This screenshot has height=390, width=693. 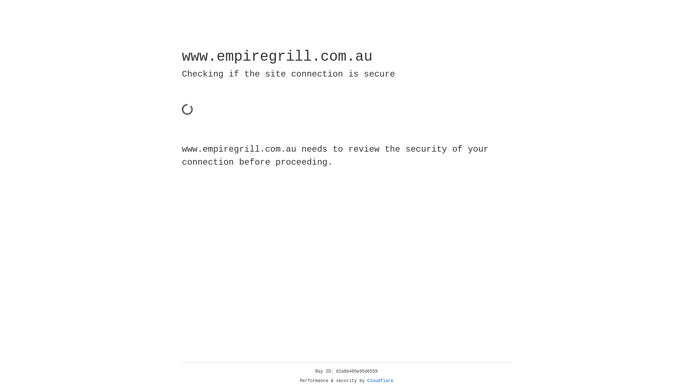 I want to click on 'Cloudflare', so click(x=380, y=381).